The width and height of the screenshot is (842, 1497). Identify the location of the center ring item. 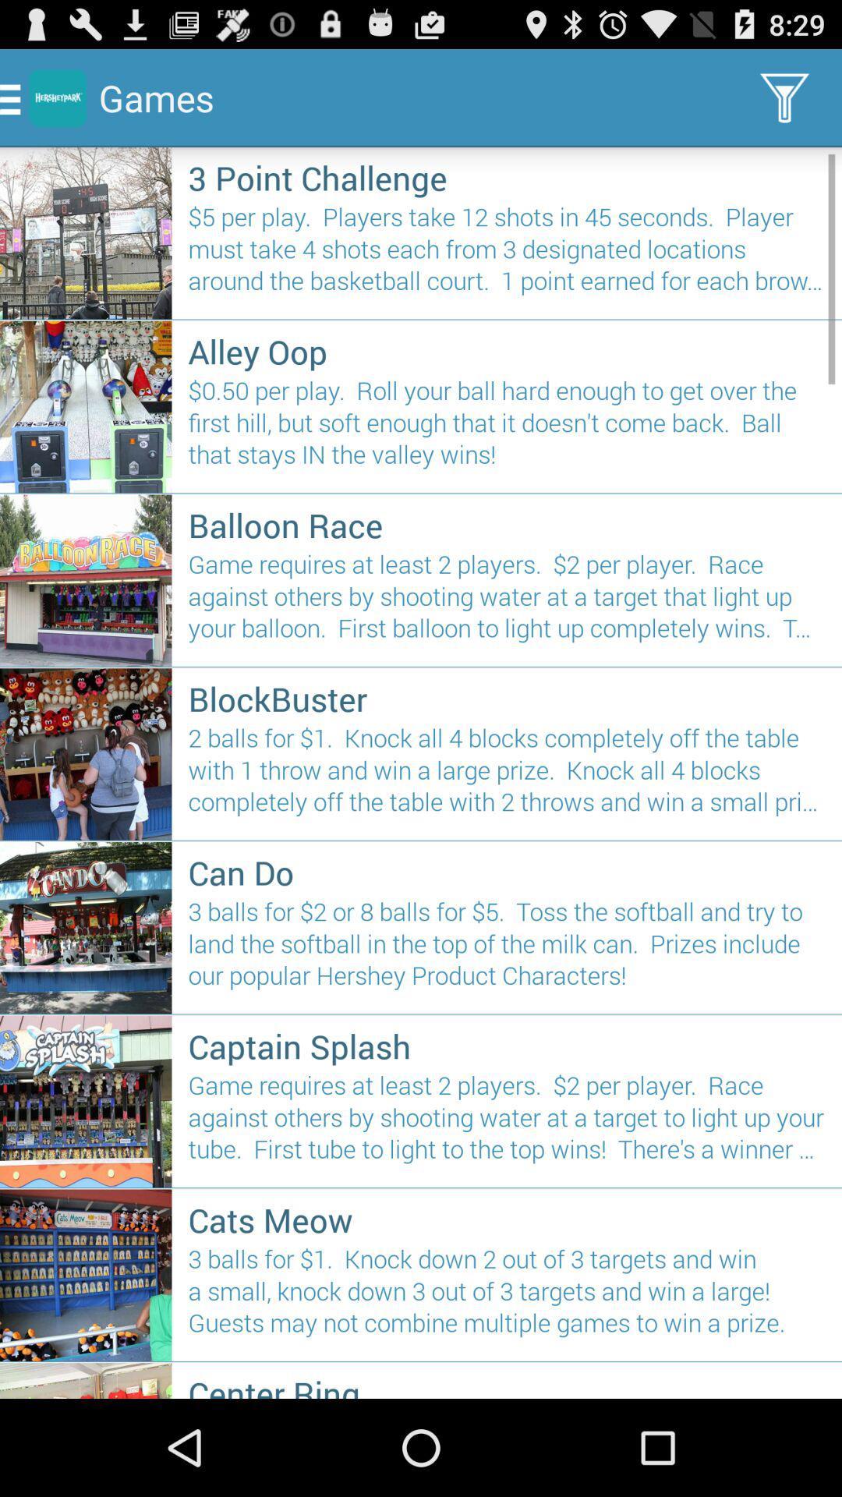
(507, 1385).